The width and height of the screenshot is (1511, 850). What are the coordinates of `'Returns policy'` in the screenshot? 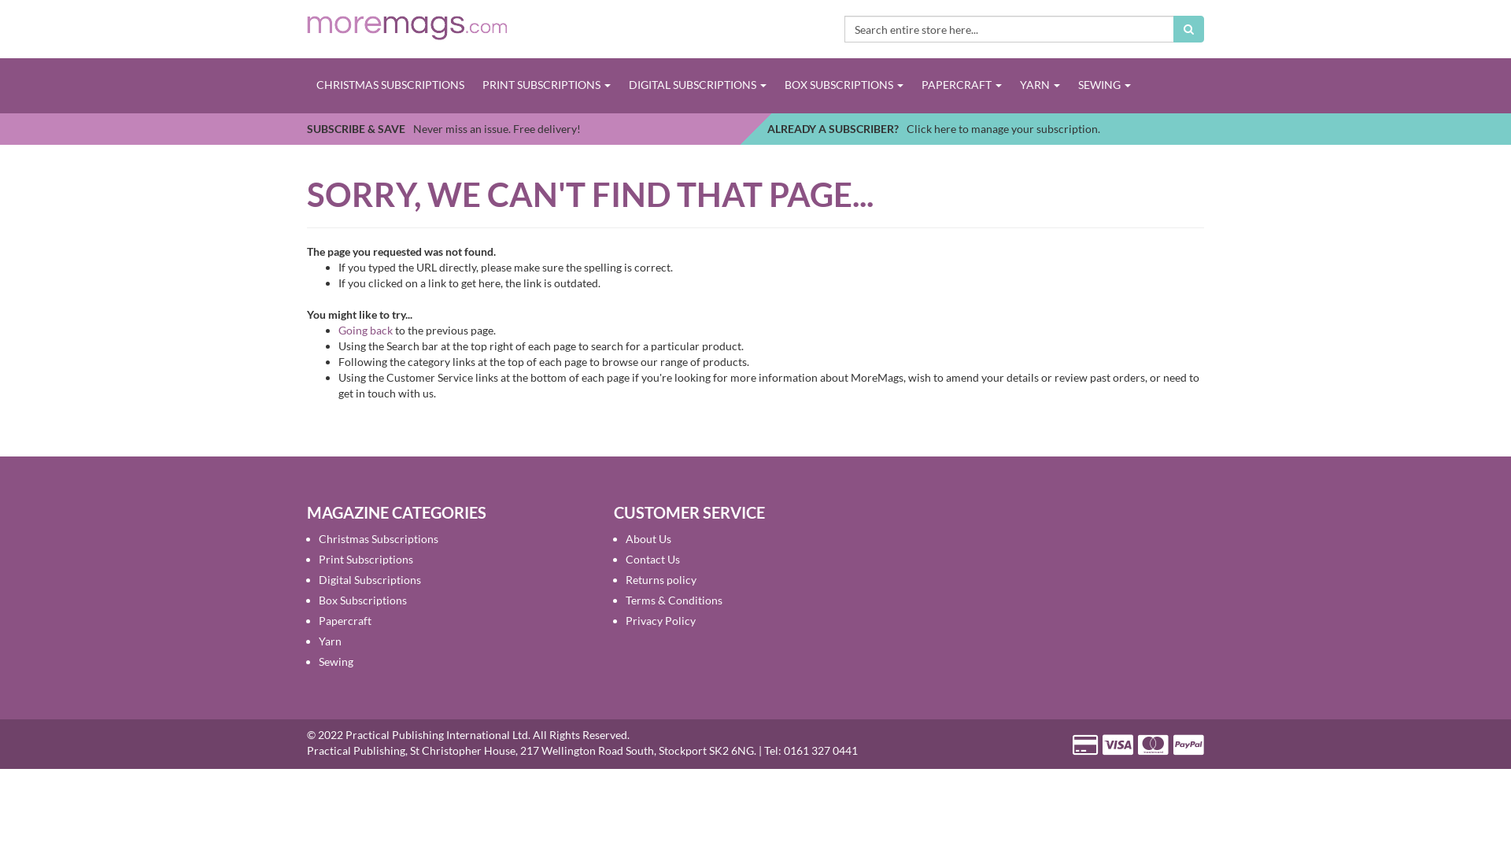 It's located at (661, 579).